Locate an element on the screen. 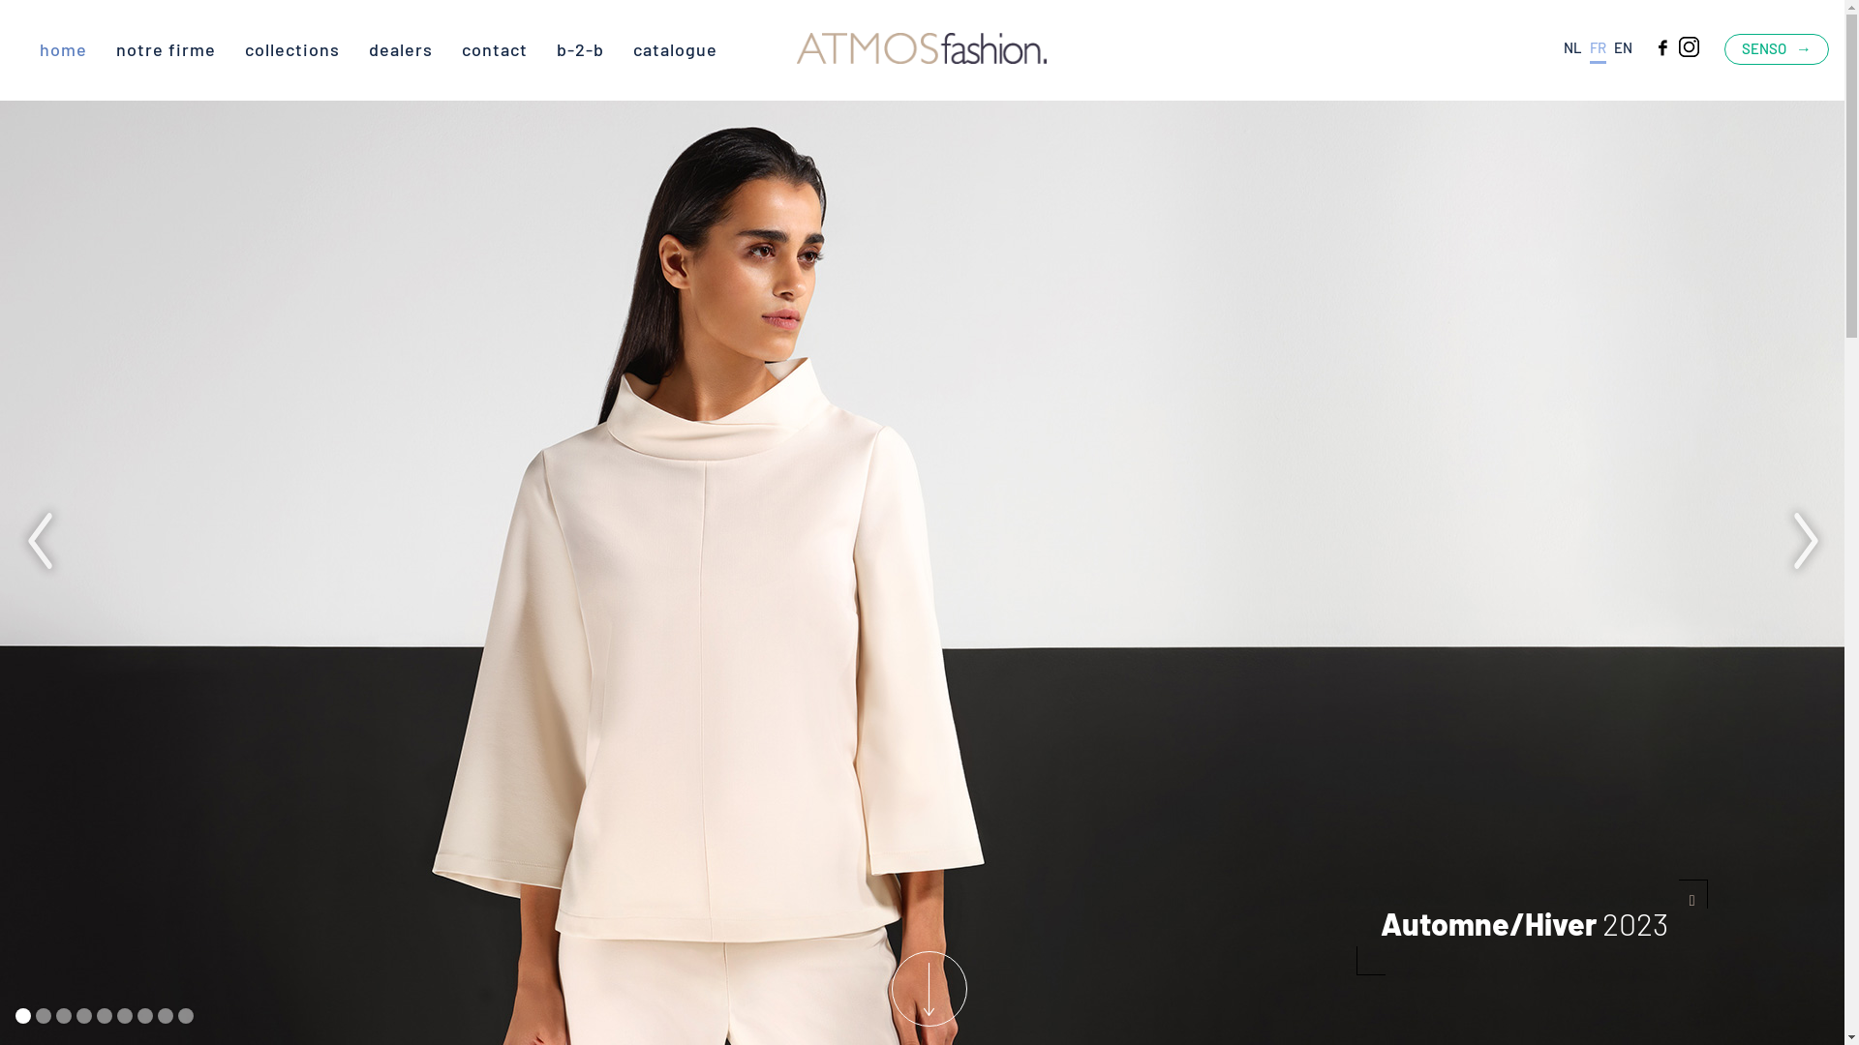 The width and height of the screenshot is (1859, 1045). 'notre firme' is located at coordinates (166, 47).